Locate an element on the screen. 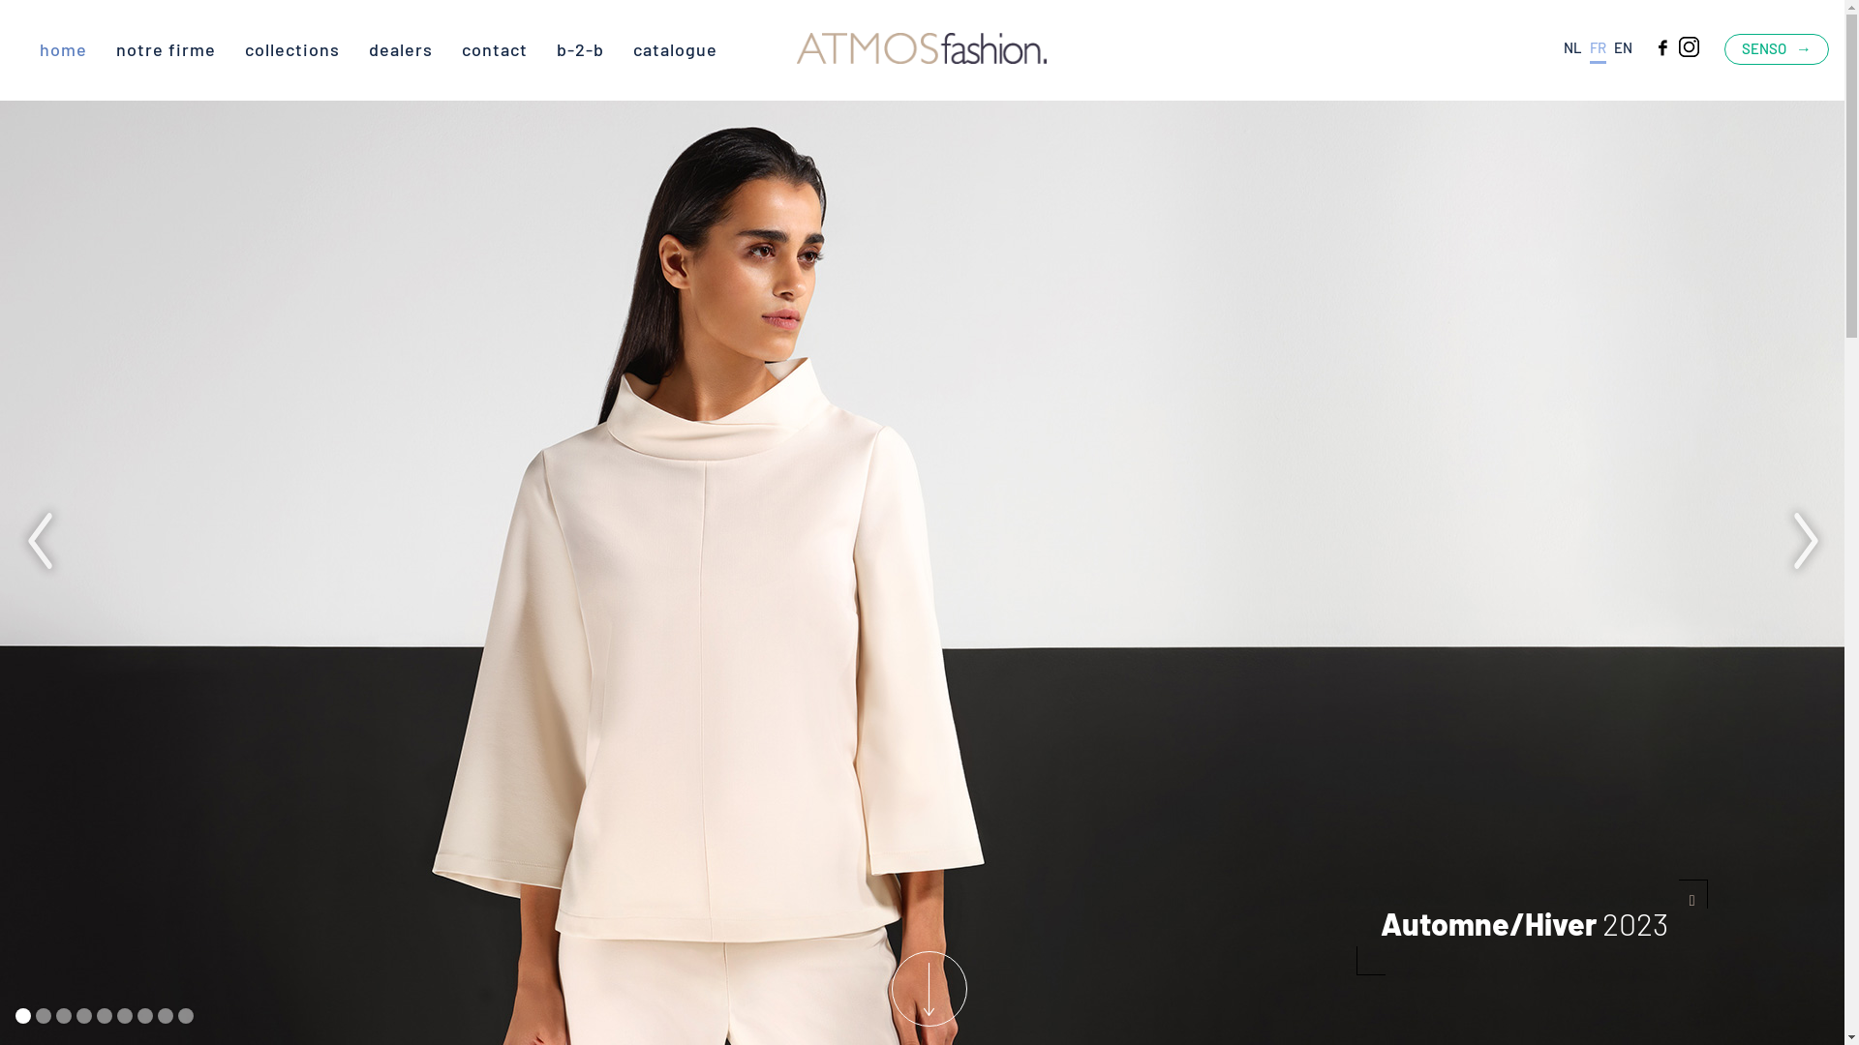 The width and height of the screenshot is (1859, 1045). 'notre firme' is located at coordinates (166, 47).